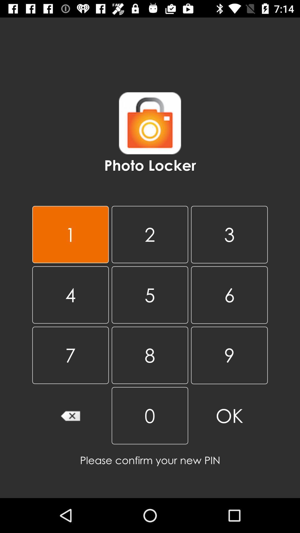  What do you see at coordinates (70, 416) in the screenshot?
I see `clear number` at bounding box center [70, 416].